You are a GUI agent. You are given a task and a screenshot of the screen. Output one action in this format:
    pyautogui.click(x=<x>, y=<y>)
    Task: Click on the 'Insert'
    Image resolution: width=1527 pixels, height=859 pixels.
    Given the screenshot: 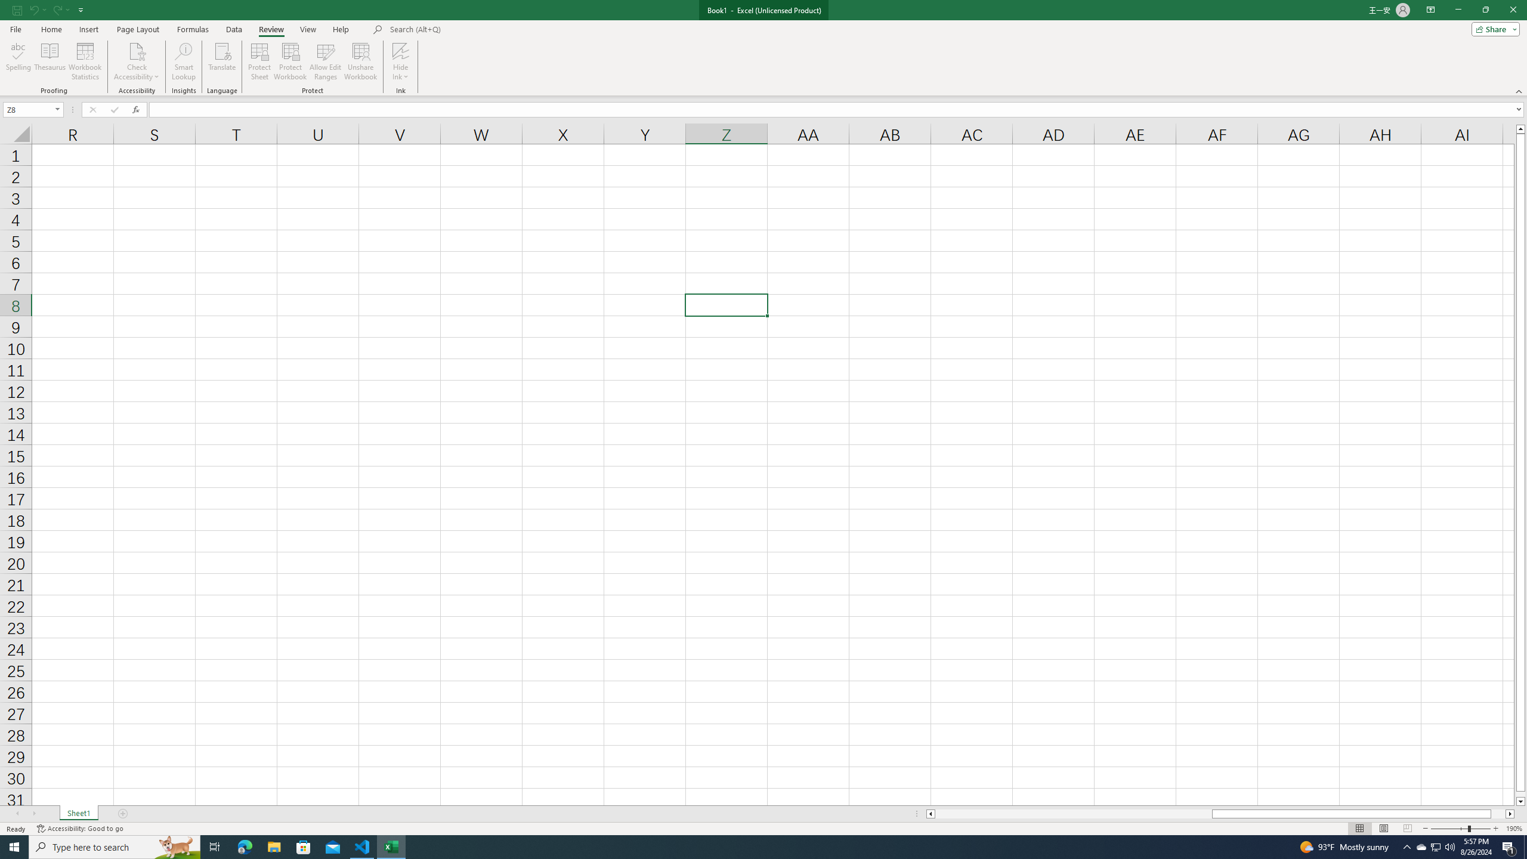 What is the action you would take?
    pyautogui.click(x=88, y=29)
    